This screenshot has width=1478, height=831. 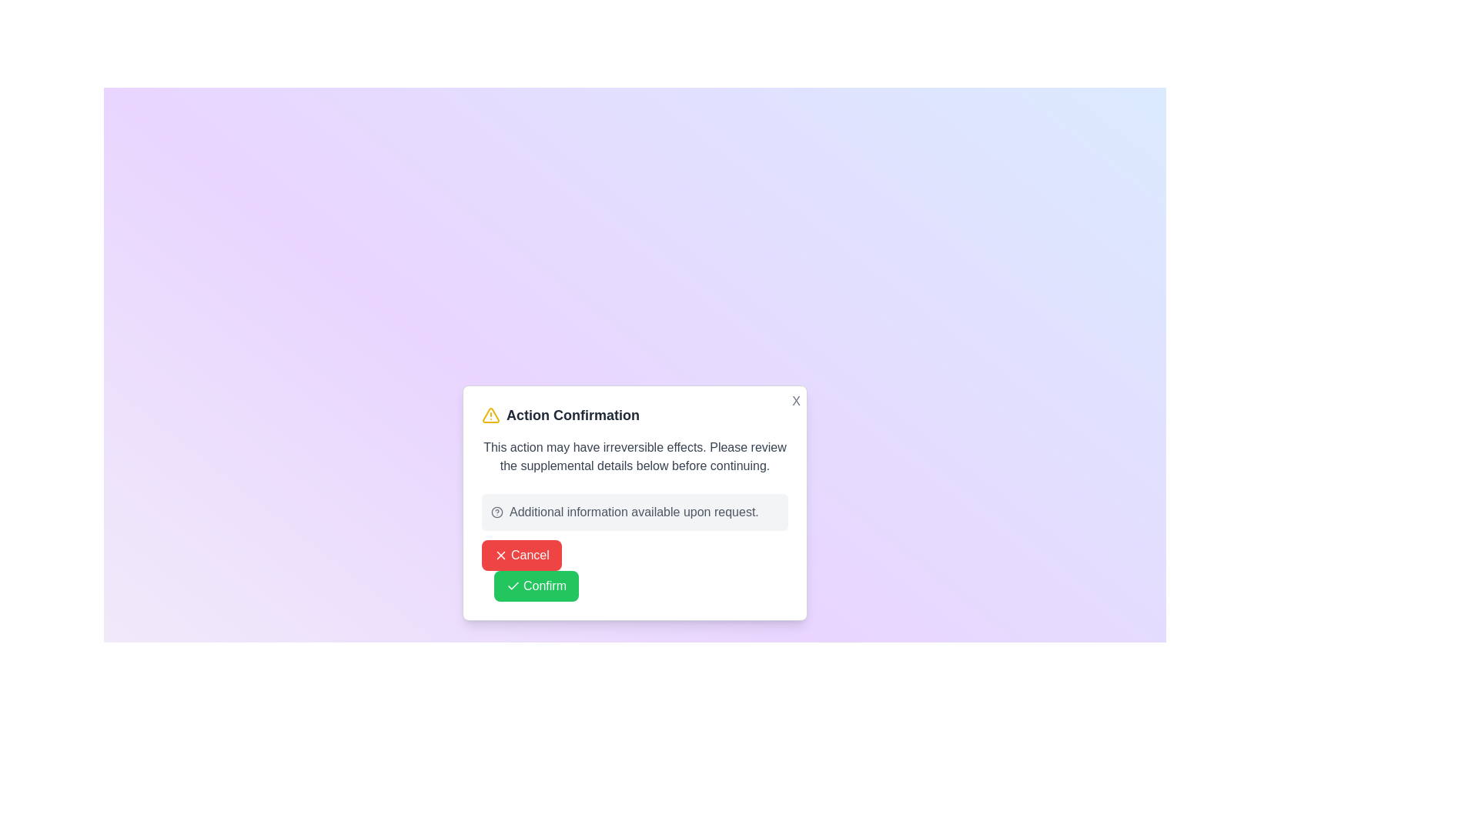 I want to click on message displayed in the confirmation dialog stating 'This action may have irreversible effects. Please review the supplemental details below before continuing.', so click(x=635, y=456).